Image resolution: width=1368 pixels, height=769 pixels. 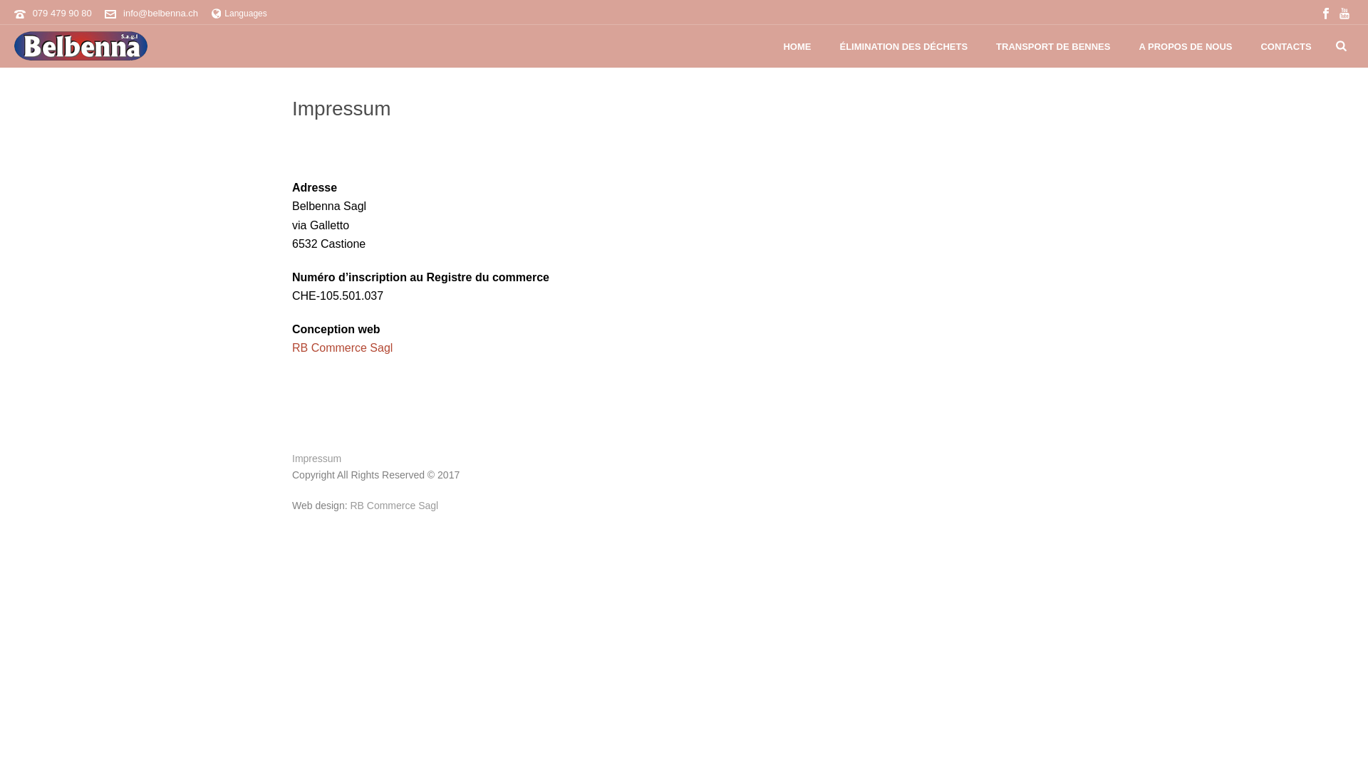 I want to click on 'A PROPOS DE NOUS', so click(x=1124, y=46).